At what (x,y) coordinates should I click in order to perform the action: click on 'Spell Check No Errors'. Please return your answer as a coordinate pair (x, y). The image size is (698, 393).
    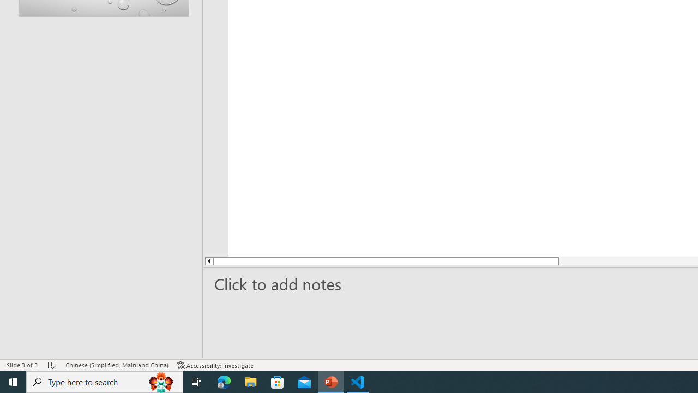
    Looking at the image, I should click on (52, 365).